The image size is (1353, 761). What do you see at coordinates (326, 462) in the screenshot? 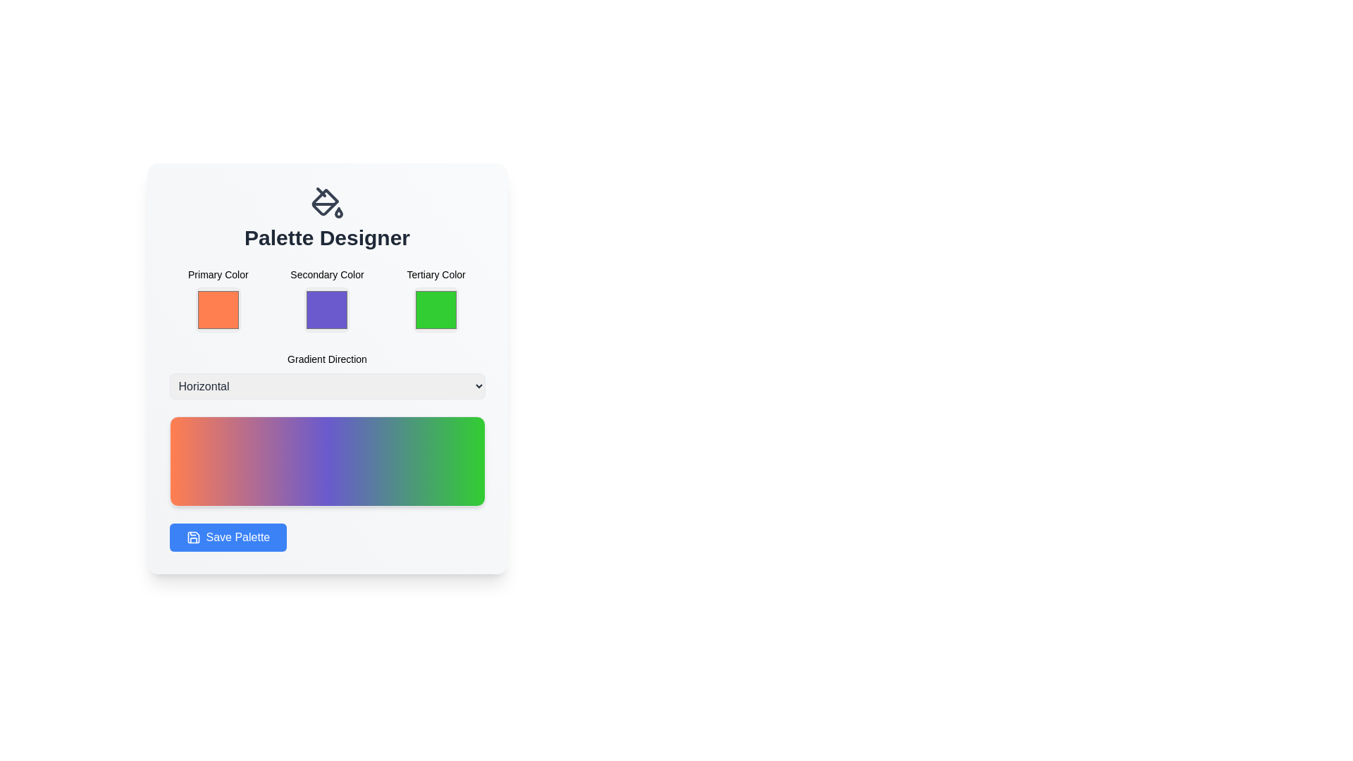
I see `the visual representation element (gradient preview) located at the bottom of the 'Palette Designer' card, just above the 'Save Palette' button` at bounding box center [326, 462].